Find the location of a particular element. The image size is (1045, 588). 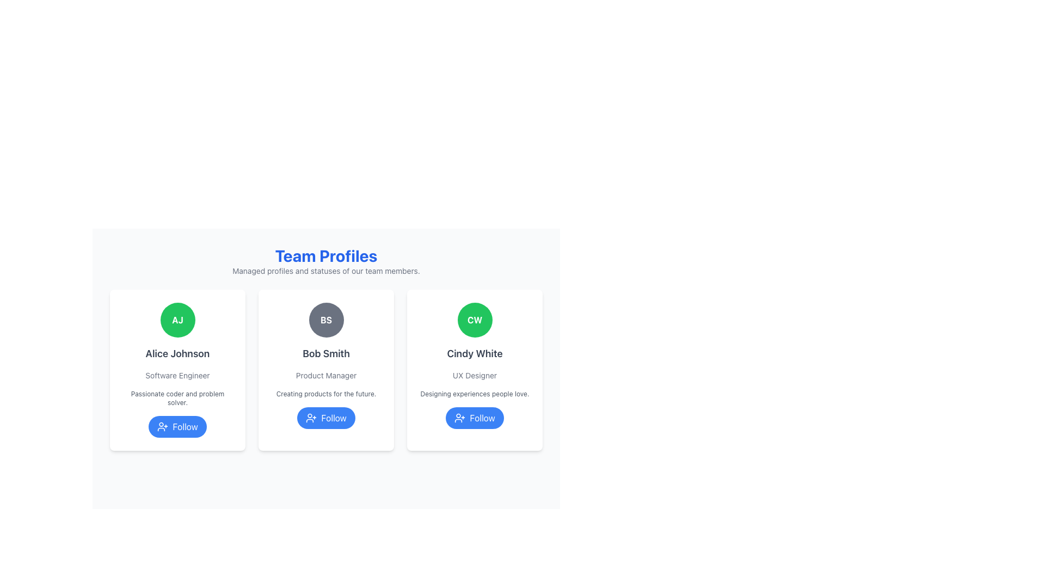

the 'Team Profiles' title text label, which is styled in bold, large blue font, located at the top center of the section above the descriptive text is located at coordinates (325, 256).